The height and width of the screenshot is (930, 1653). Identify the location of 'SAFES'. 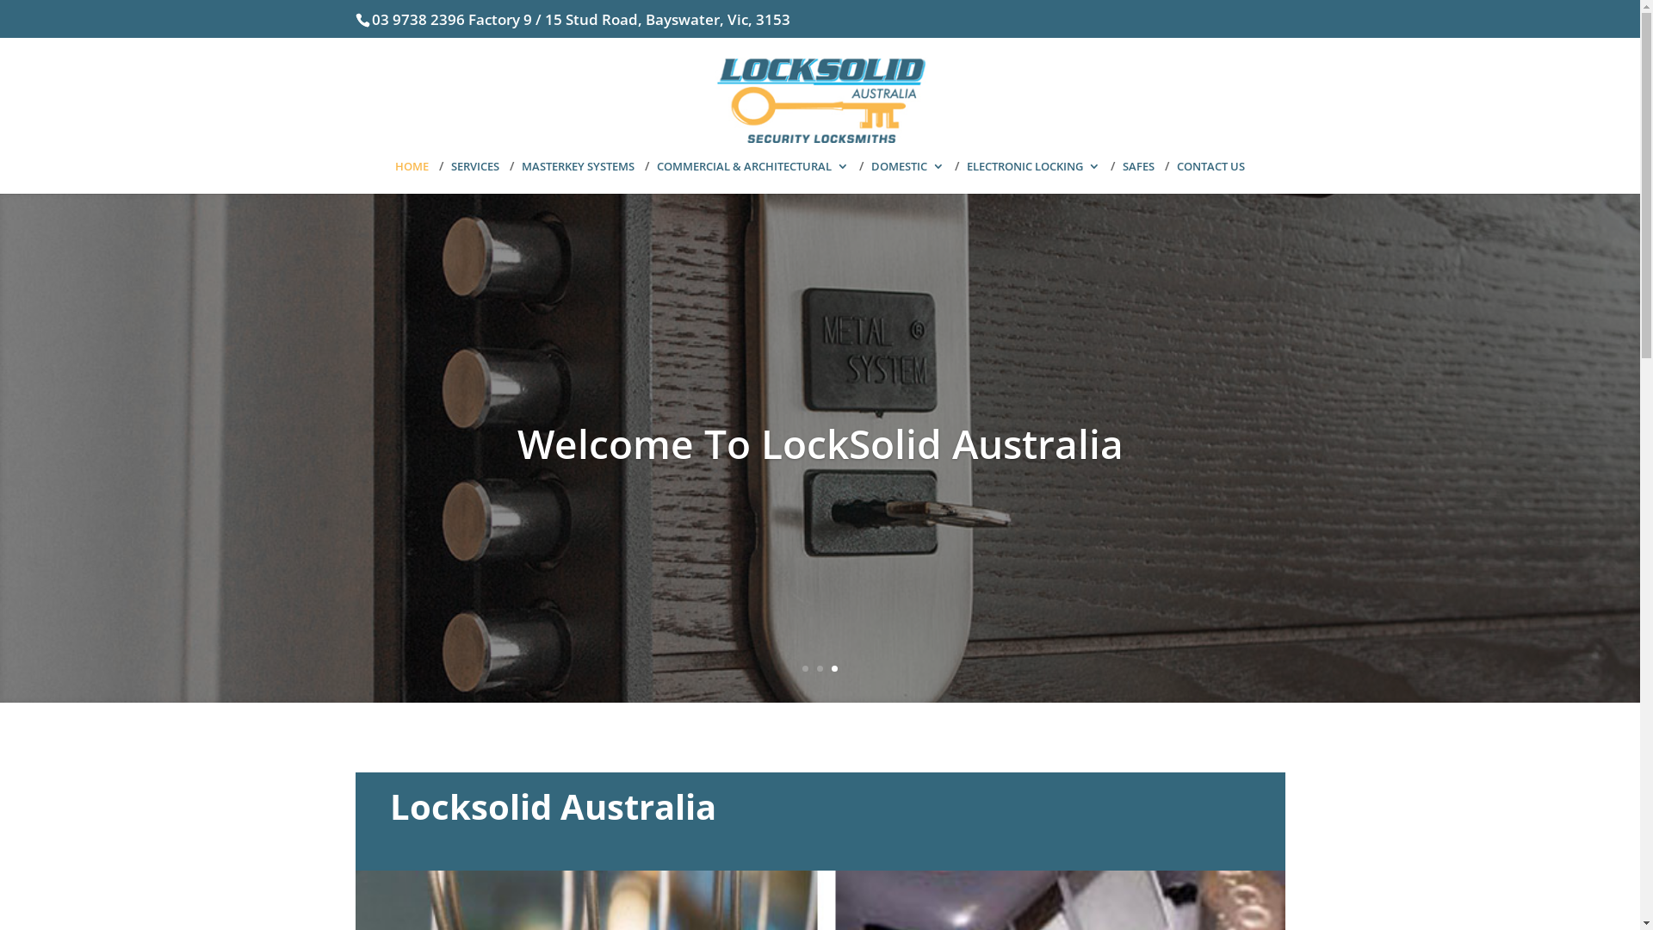
(1123, 177).